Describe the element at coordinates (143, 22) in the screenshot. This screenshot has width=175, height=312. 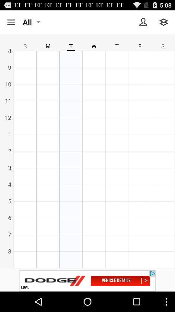
I see `show own profile` at that location.